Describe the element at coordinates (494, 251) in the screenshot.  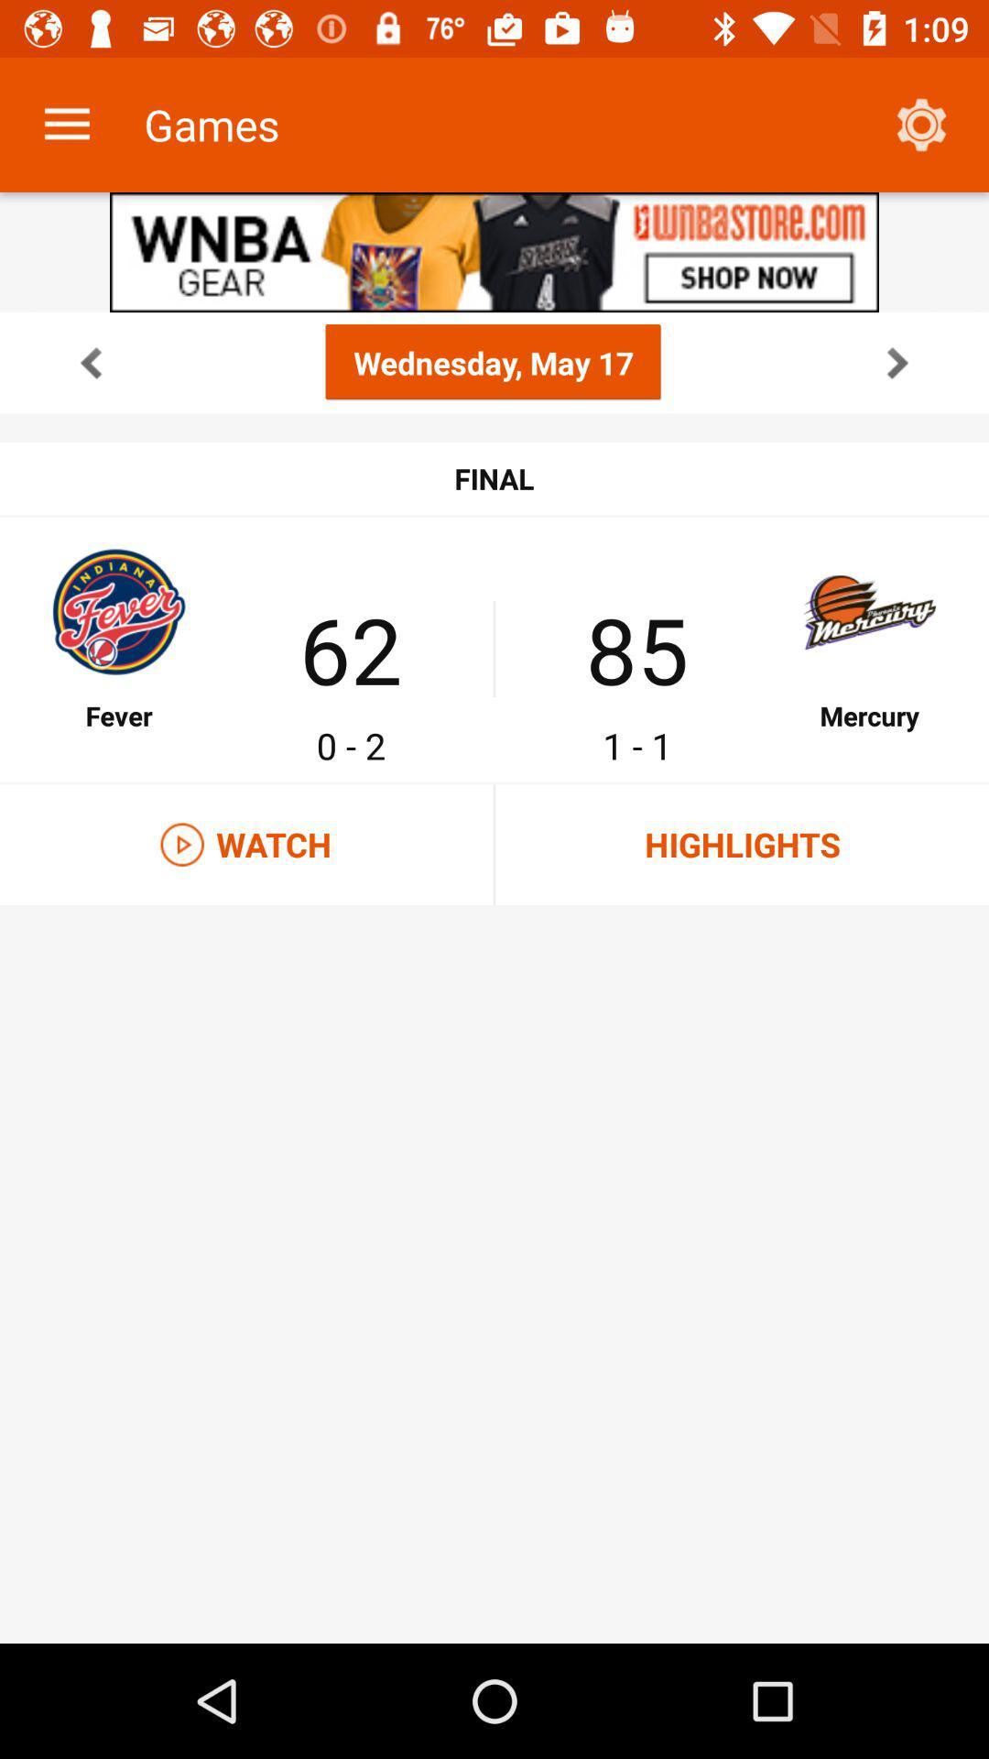
I see `share the article` at that location.